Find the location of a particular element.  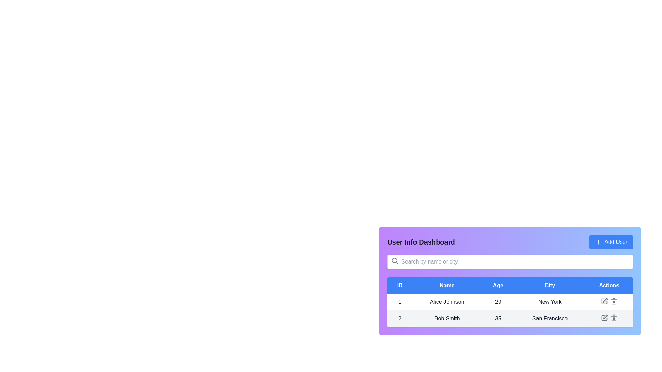

the table cell under the 'Age' column that contains the number '29' for 'Alice Johnson' in the User Info Dashboard is located at coordinates (510, 301).